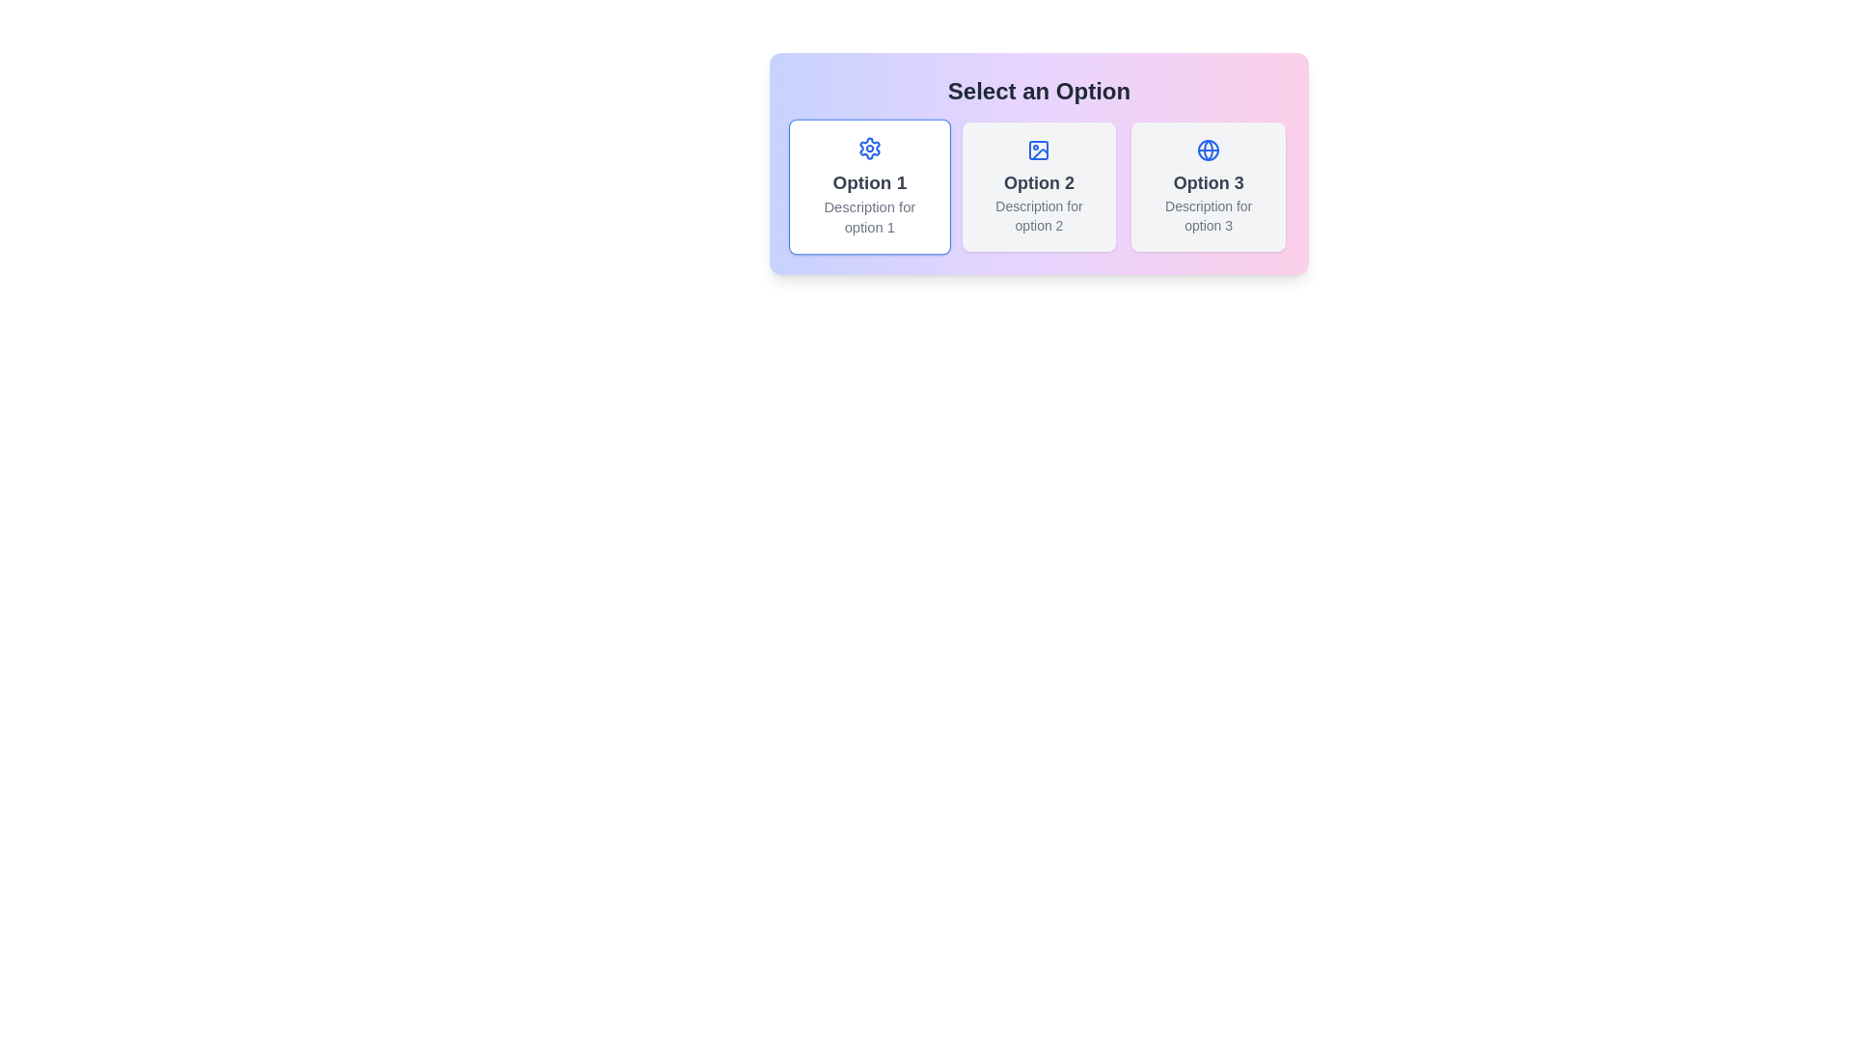 The width and height of the screenshot is (1852, 1042). What do you see at coordinates (1038, 182) in the screenshot?
I see `the bold text label 'Option 2' located in the middle option card of the selection menu` at bounding box center [1038, 182].